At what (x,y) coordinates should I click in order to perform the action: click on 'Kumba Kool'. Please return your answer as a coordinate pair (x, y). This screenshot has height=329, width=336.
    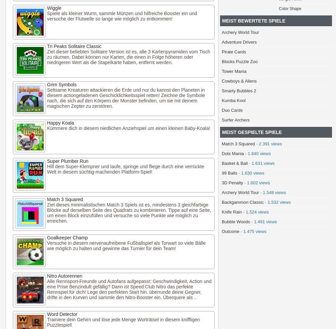
    Looking at the image, I should click on (222, 100).